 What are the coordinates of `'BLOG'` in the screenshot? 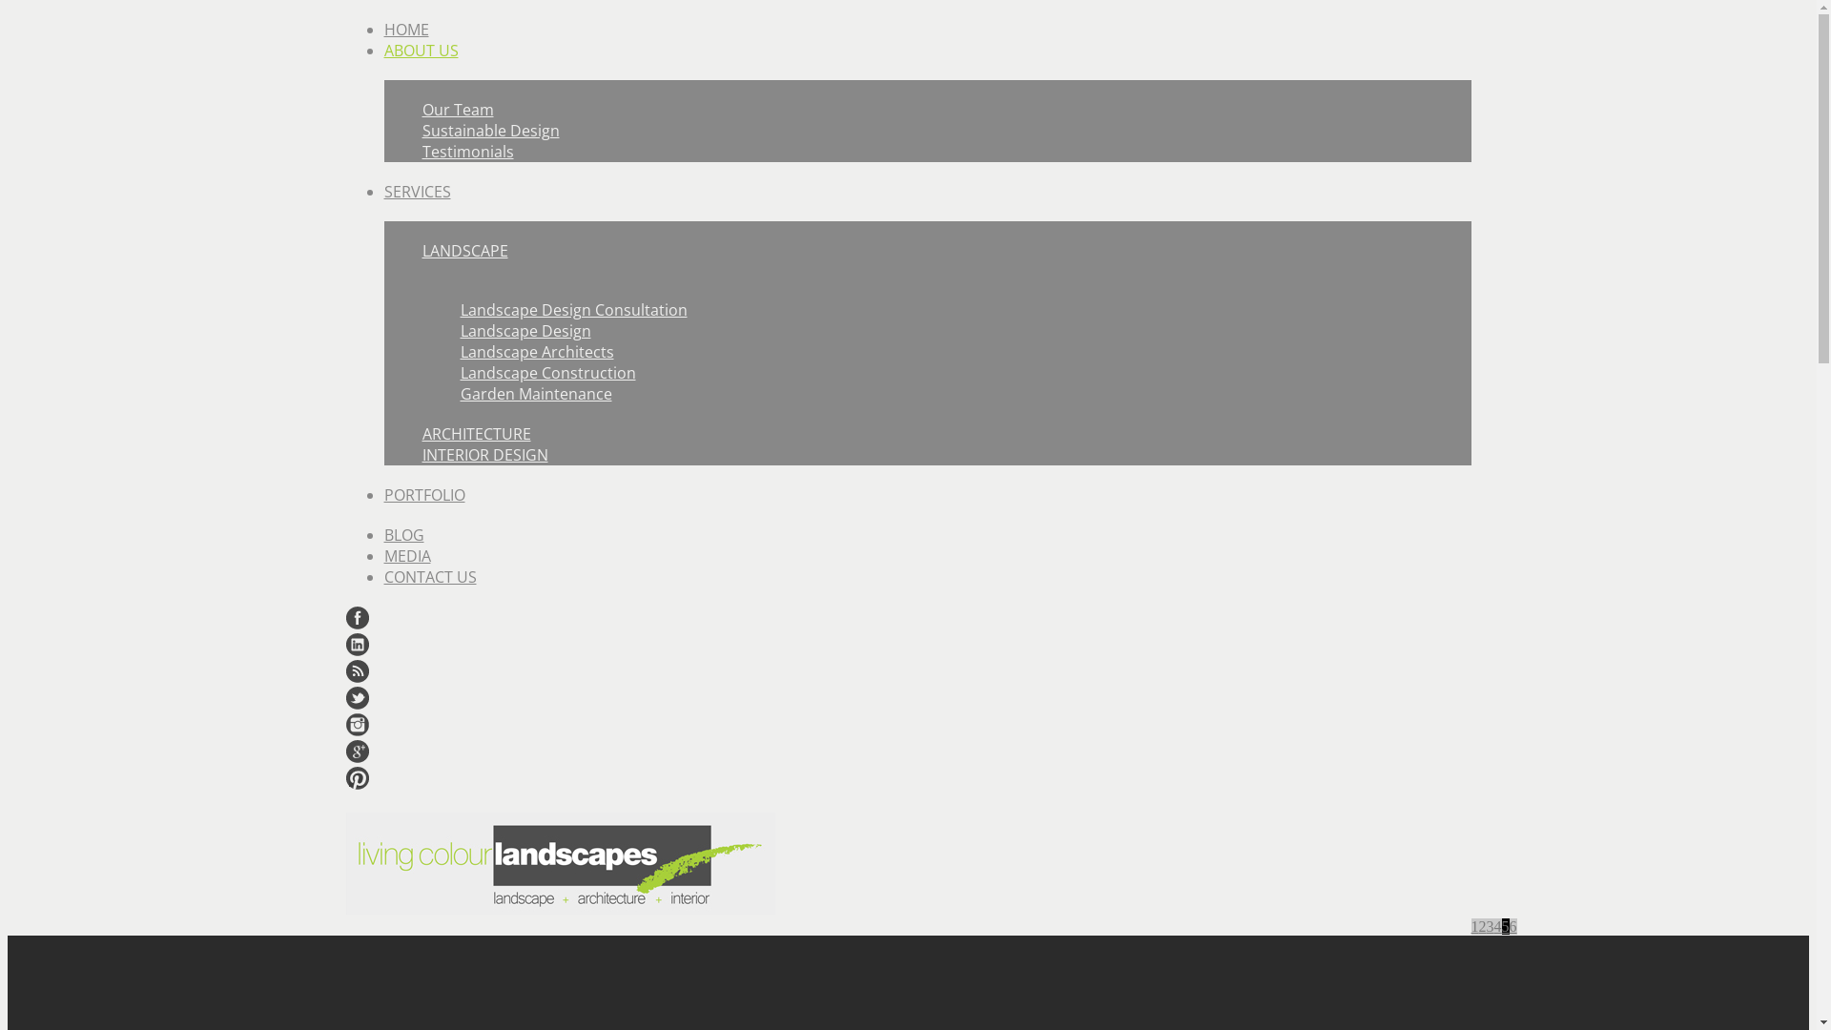 It's located at (401, 534).